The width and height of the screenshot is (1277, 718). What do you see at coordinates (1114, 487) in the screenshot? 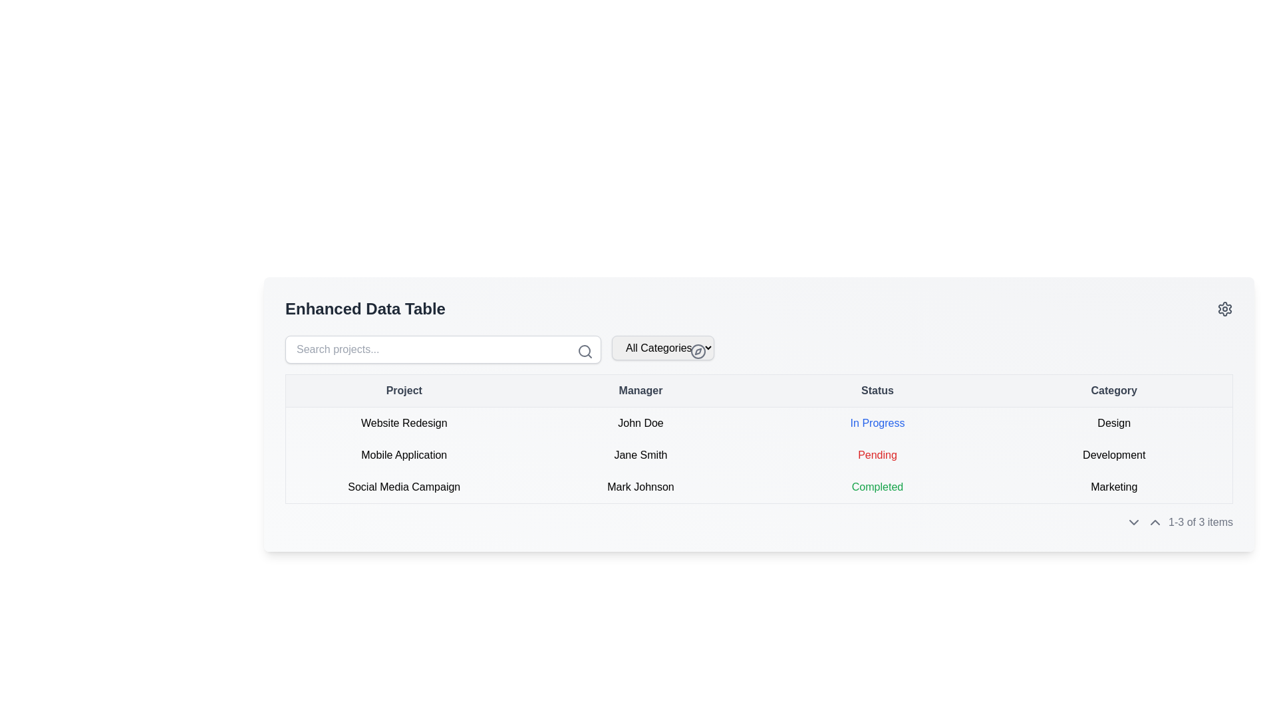
I see `the static text label that identifies the category of the corresponding project listed in the Enhanced Data Table, specifically the last column for the 'Social Media Campaign' row` at bounding box center [1114, 487].